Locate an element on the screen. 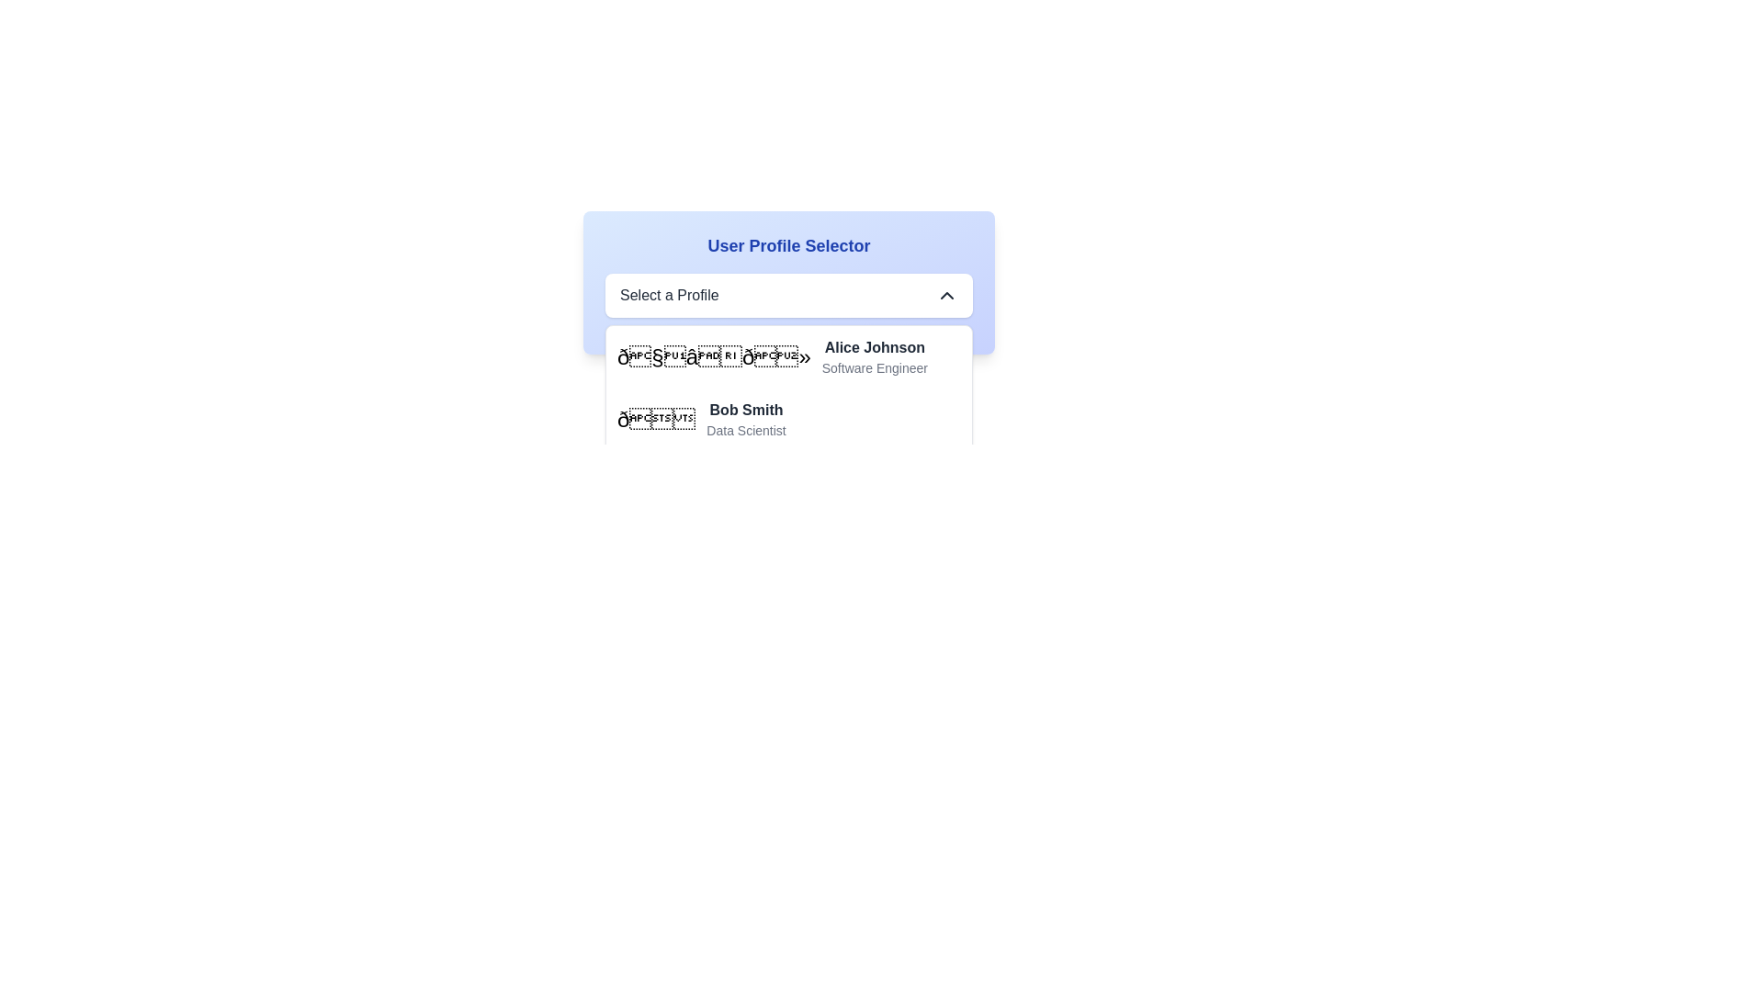 Image resolution: width=1764 pixels, height=992 pixels. the first item in the 'User Profile Selector' dropdown menu is located at coordinates (789, 357).